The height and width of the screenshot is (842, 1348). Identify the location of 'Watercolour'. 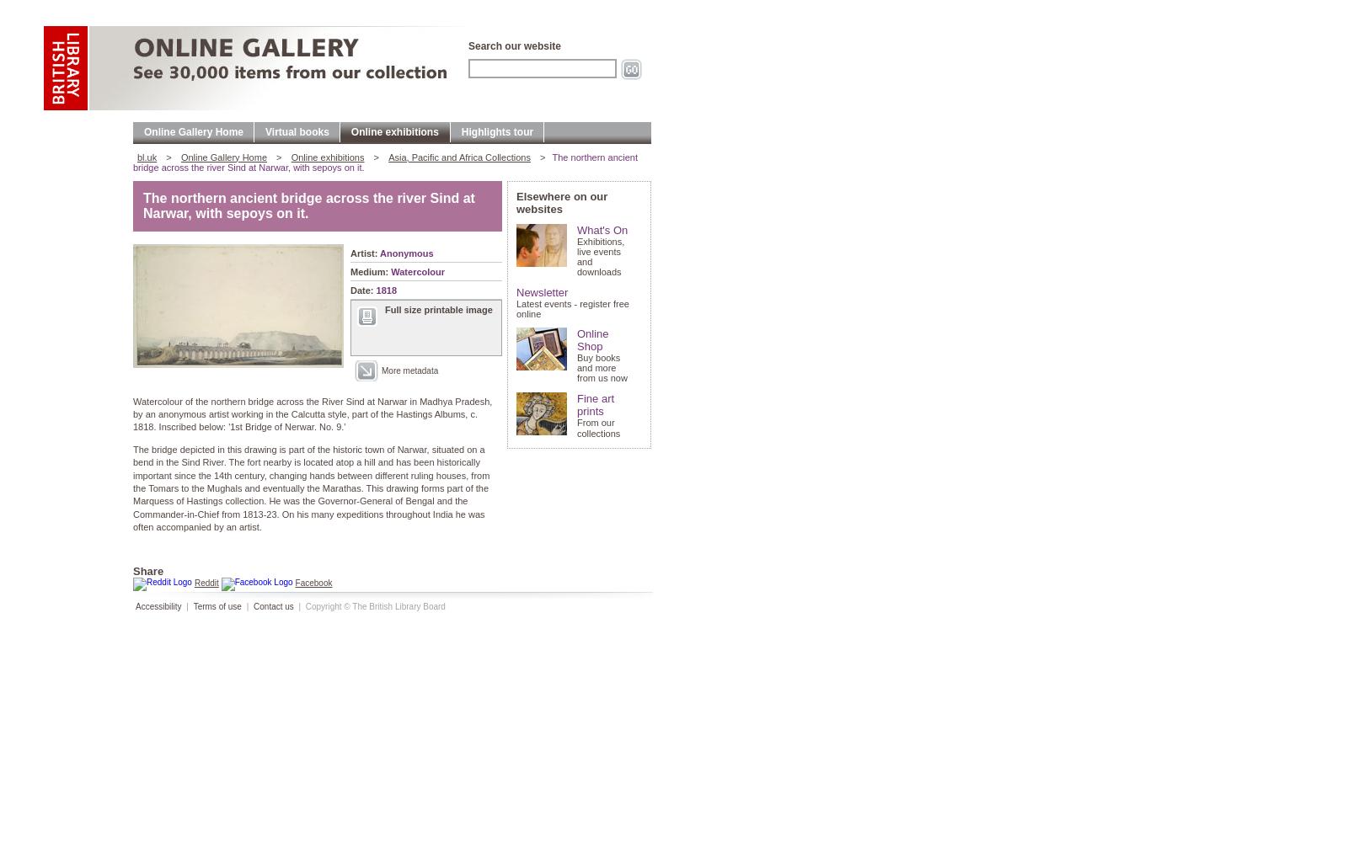
(417, 270).